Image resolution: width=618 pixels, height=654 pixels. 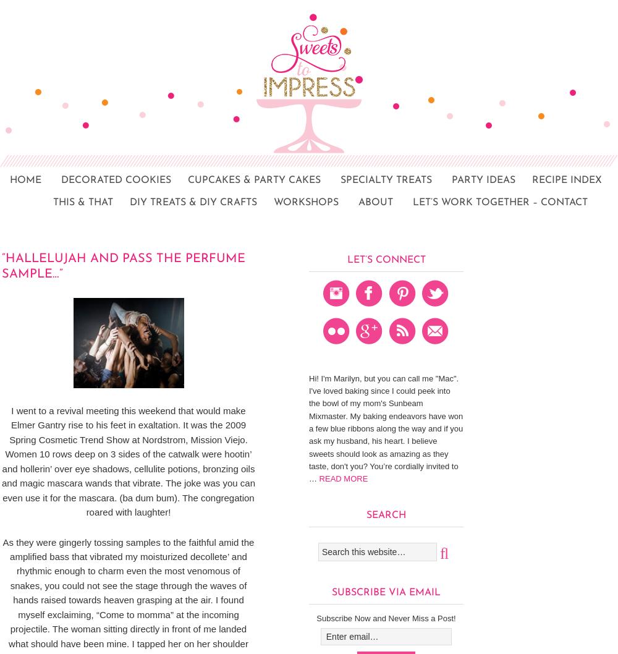 I want to click on 'Specialty Treats', so click(x=386, y=180).